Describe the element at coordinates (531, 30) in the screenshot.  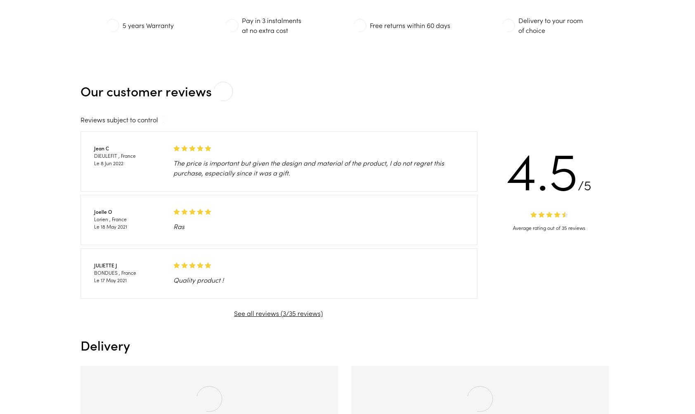
I see `'of choice'` at that location.